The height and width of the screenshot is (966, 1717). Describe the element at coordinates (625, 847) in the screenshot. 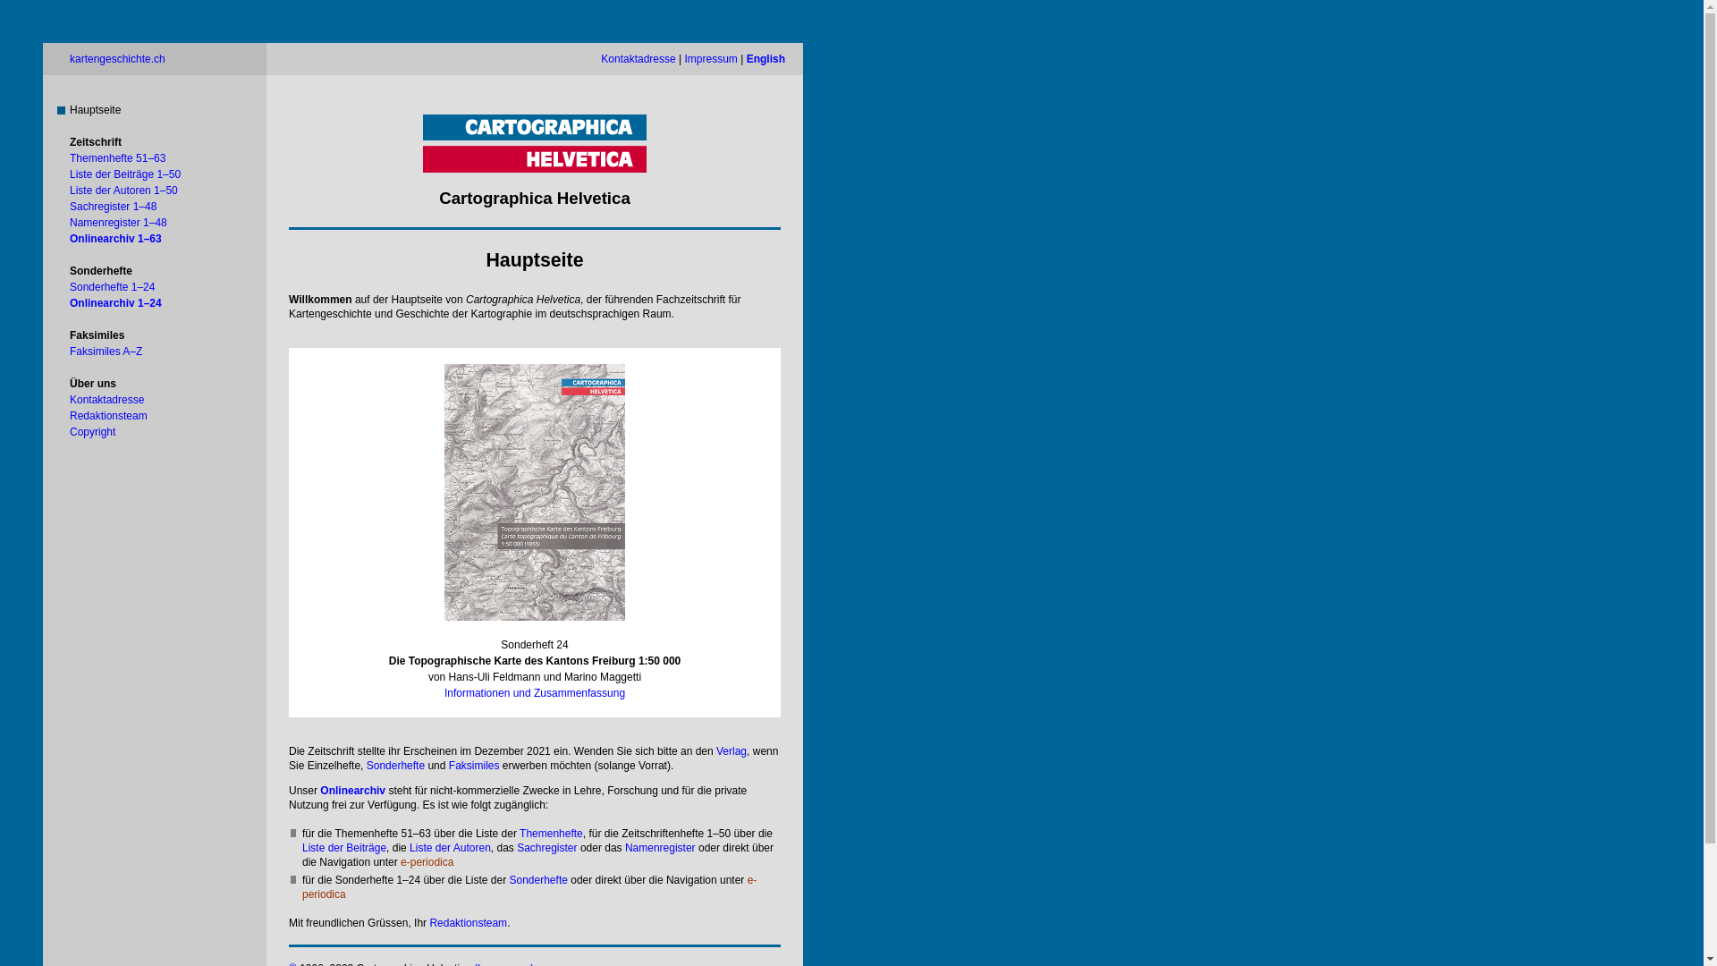

I see `'Namenregister'` at that location.